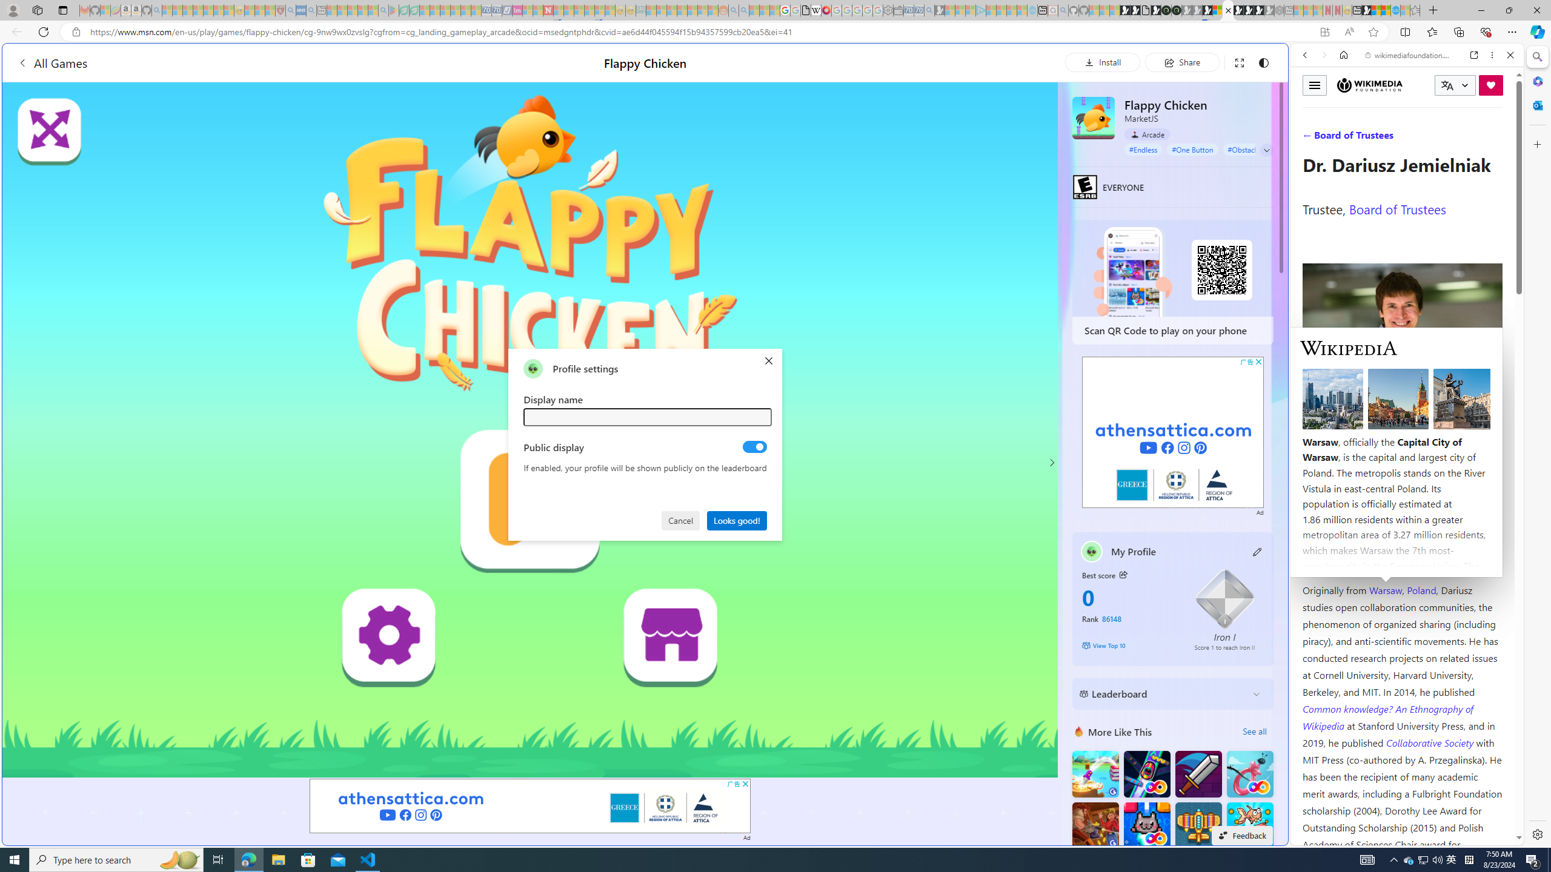 This screenshot has height=872, width=1551. Describe the element at coordinates (76, 32) in the screenshot. I see `'View site information'` at that location.